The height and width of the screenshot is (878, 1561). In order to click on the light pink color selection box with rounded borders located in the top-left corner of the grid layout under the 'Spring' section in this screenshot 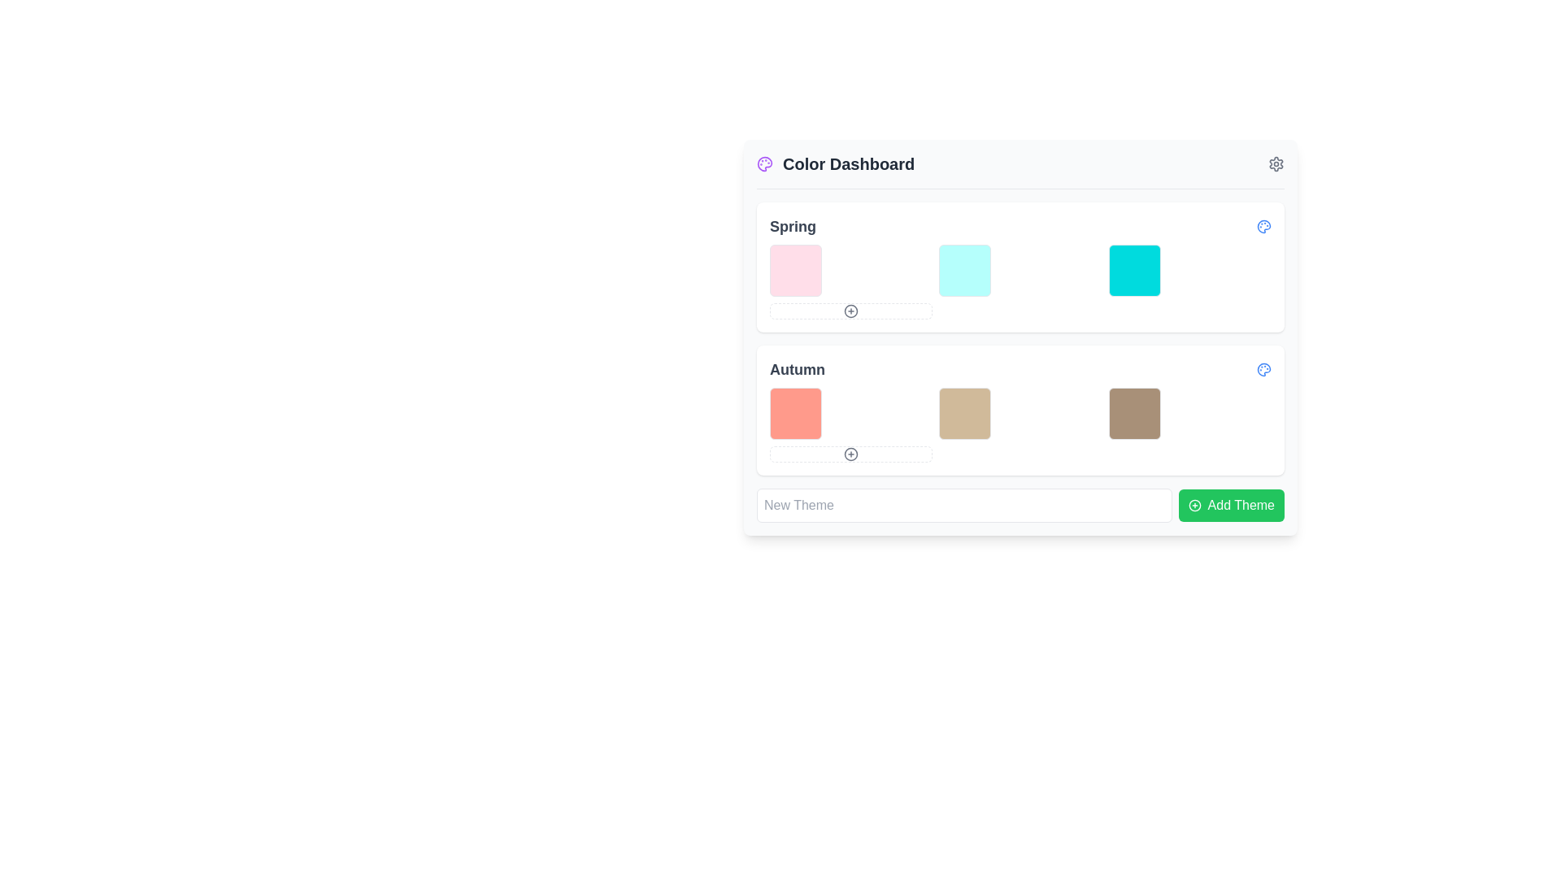, I will do `click(796, 269)`.